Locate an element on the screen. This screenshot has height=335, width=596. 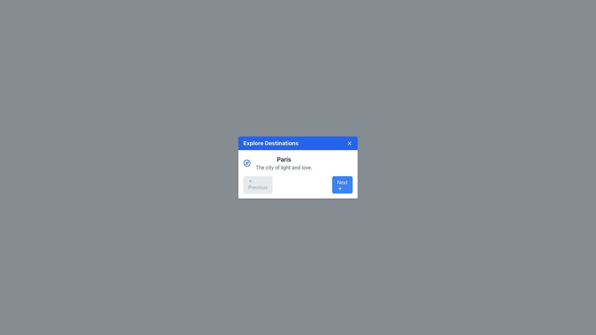
the decorative directional icon within the 'Next' button in the modal dialog to trigger any hover effects is located at coordinates (340, 188).